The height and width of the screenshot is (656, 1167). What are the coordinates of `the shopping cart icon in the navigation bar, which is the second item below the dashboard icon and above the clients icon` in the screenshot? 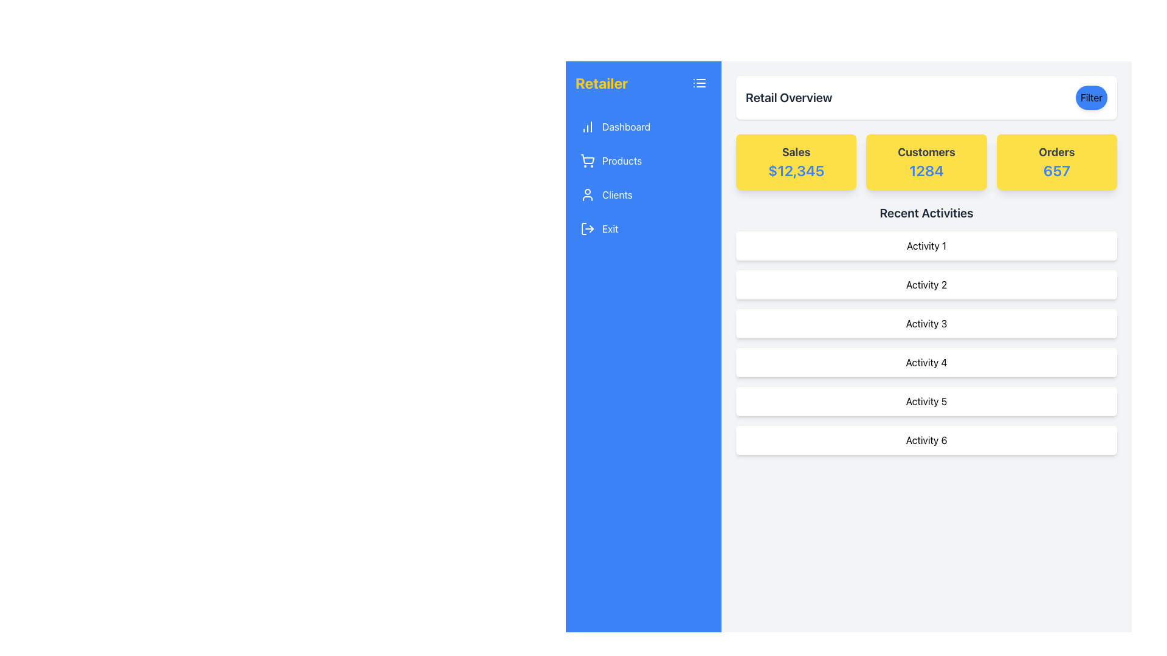 It's located at (588, 159).